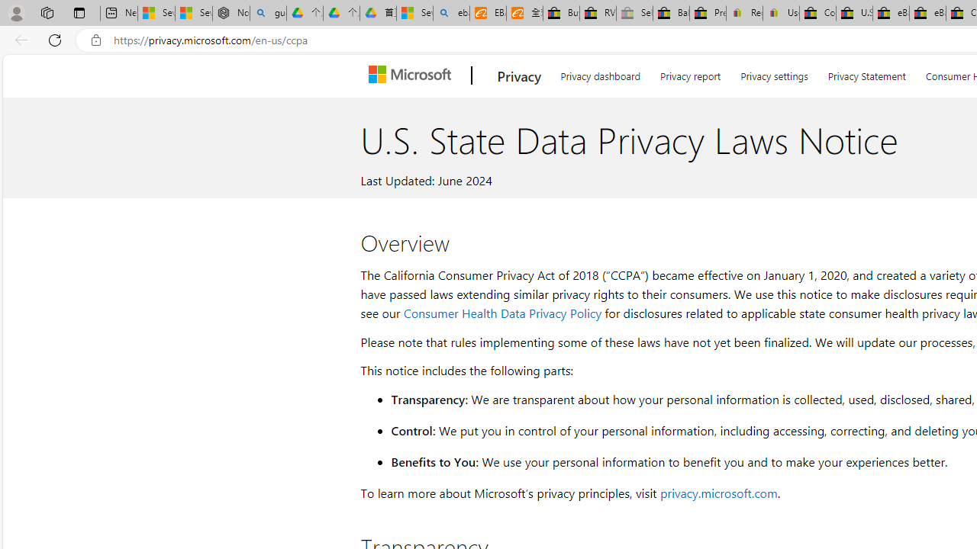 This screenshot has height=549, width=977. What do you see at coordinates (501, 312) in the screenshot?
I see `'Consumer Health Data Privacy Policy'` at bounding box center [501, 312].